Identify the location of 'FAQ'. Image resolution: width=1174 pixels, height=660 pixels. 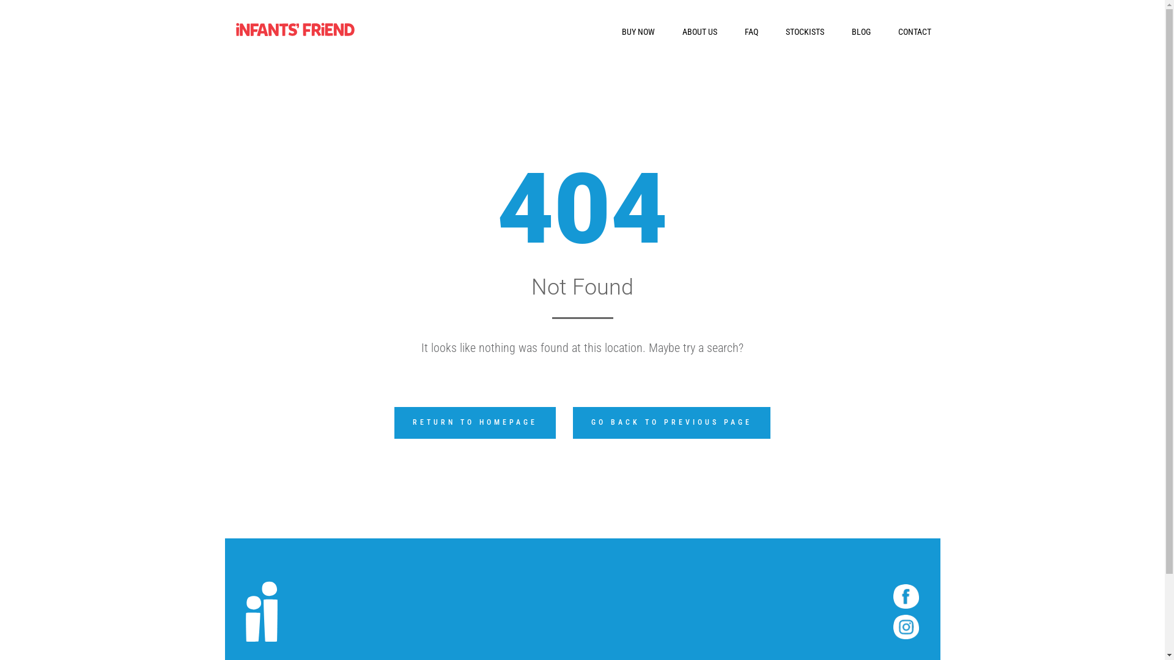
(750, 31).